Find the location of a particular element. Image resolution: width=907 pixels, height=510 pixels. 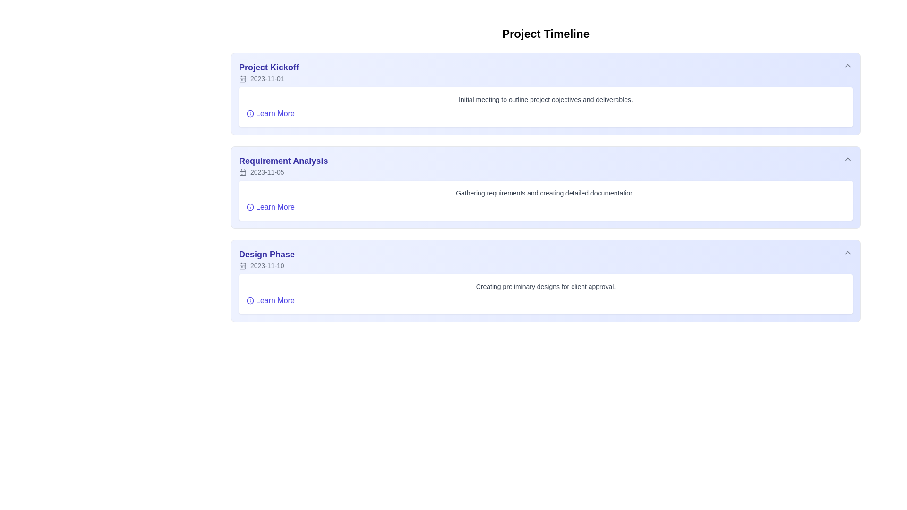

the third rectangular part of the calendar icon located in the 'Design Phase' section of the displayed timeline is located at coordinates (242, 266).